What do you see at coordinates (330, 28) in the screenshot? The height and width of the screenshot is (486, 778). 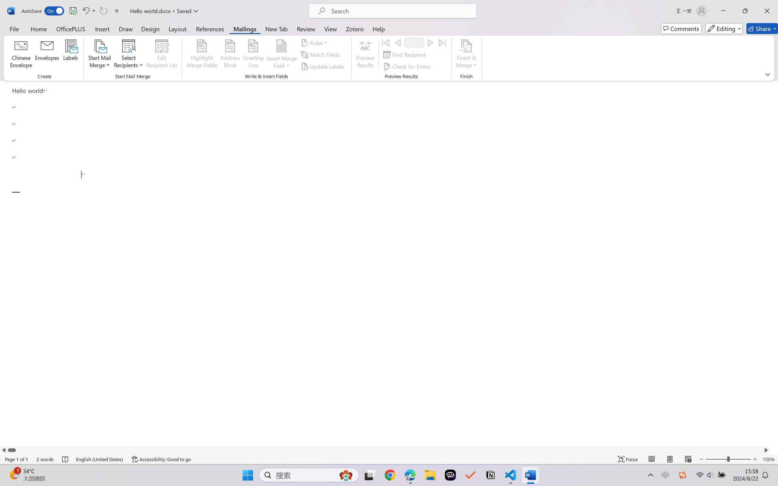 I see `'View'` at bounding box center [330, 28].